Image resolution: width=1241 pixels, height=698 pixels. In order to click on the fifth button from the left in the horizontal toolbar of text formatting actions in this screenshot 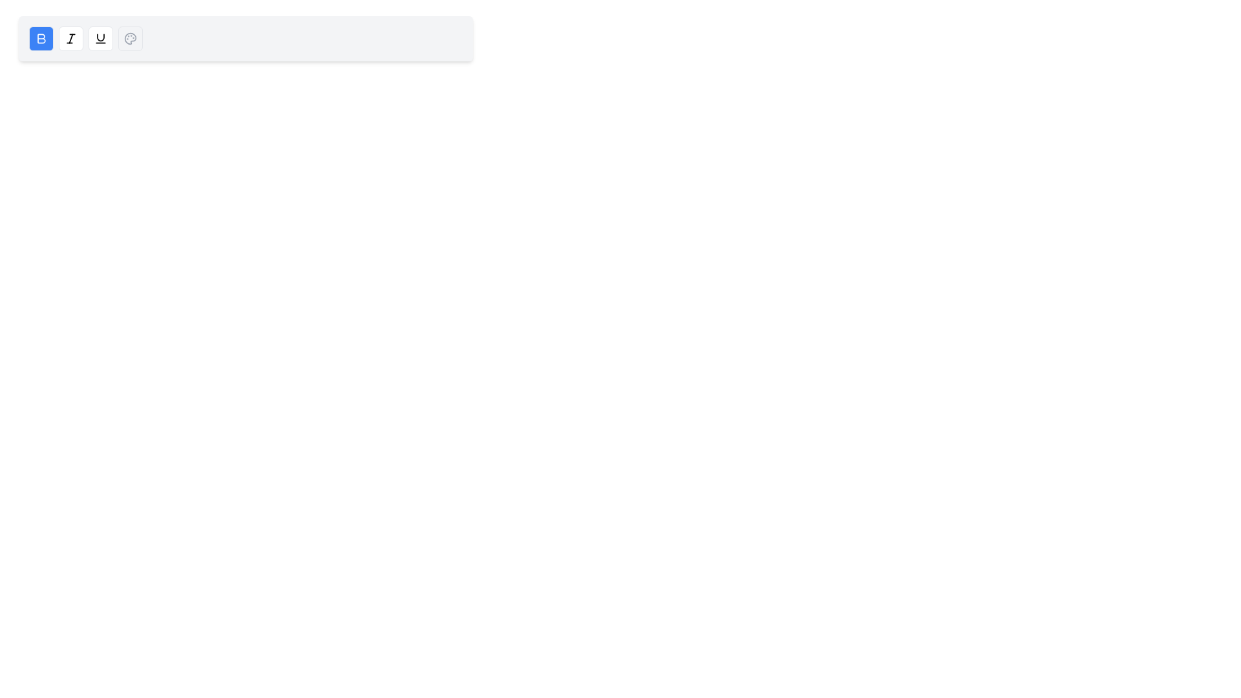, I will do `click(130, 38)`.